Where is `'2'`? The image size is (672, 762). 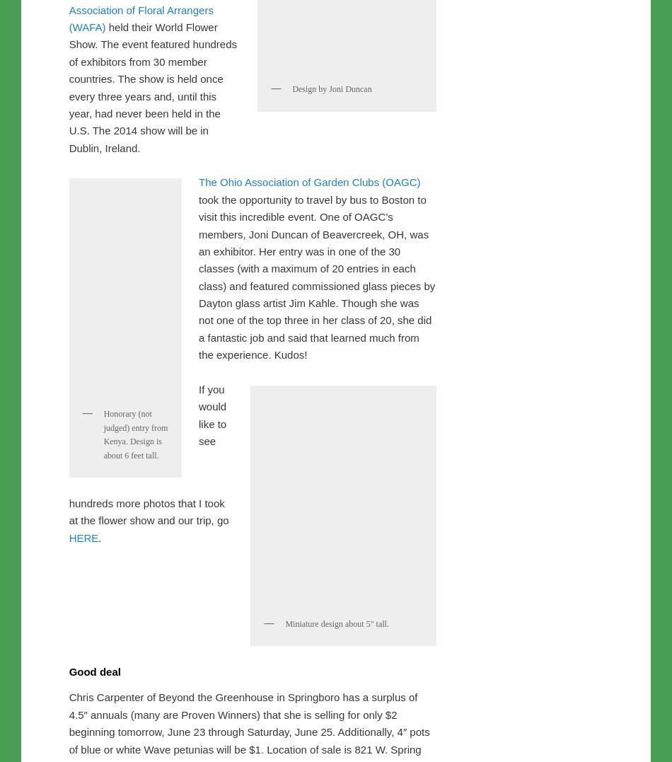
'2' is located at coordinates (221, 26).